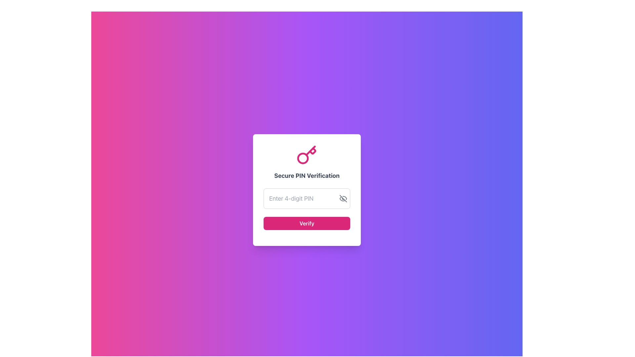 The width and height of the screenshot is (635, 357). I want to click on the vivid pink key icon that is centrally positioned above the text 'Secure PIN Verification' in the secure verification interface, so click(306, 155).